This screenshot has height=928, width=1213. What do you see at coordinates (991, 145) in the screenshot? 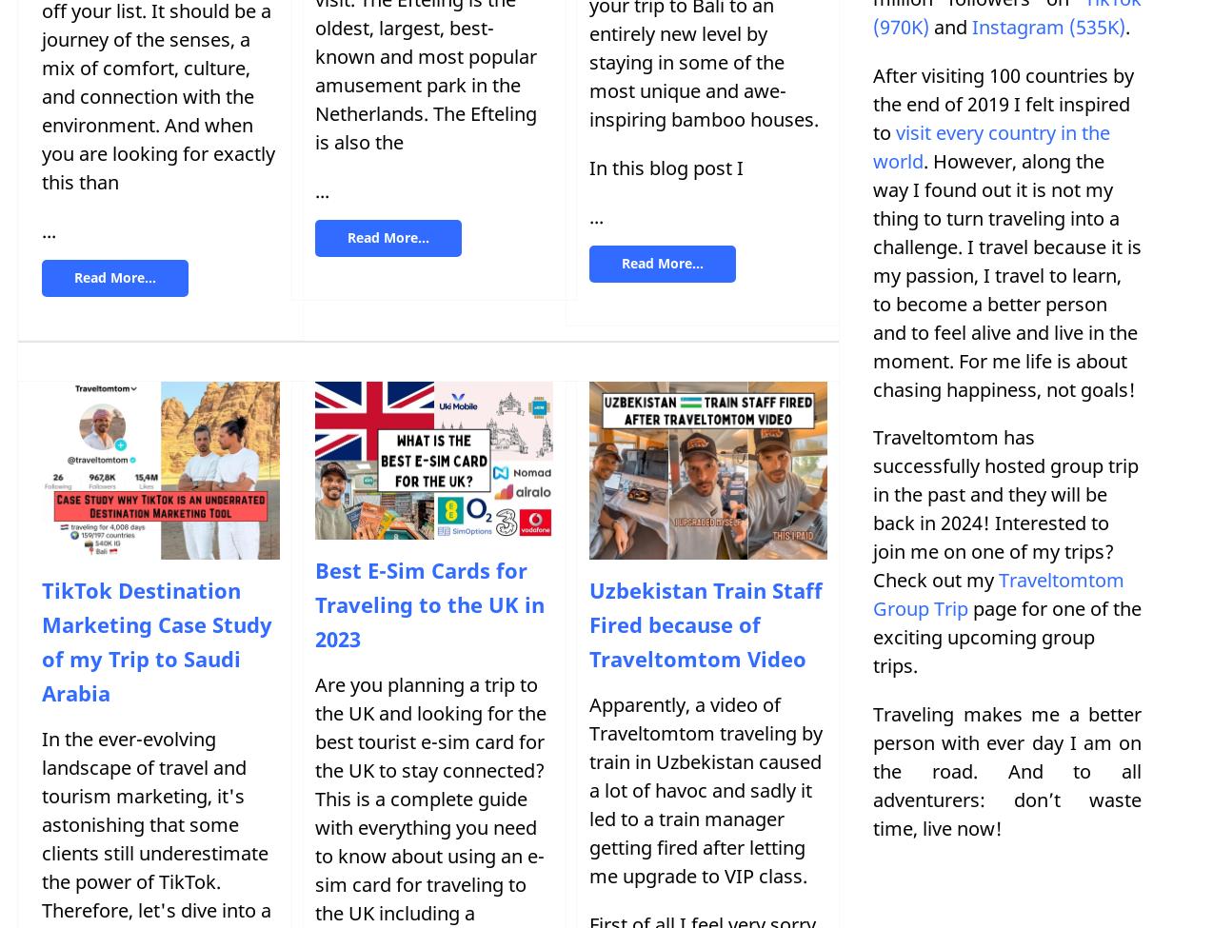
I see `'visit every country in the world'` at bounding box center [991, 145].